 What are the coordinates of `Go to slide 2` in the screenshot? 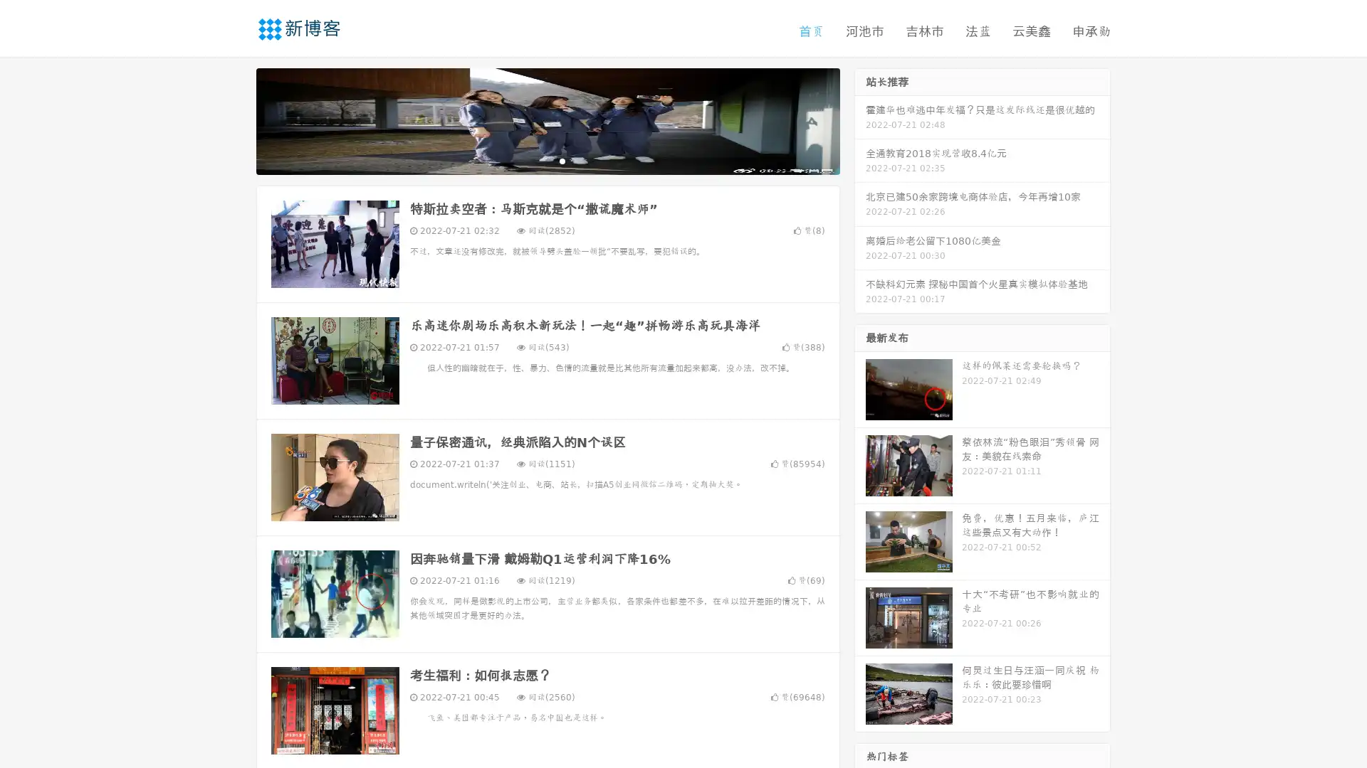 It's located at (547, 160).